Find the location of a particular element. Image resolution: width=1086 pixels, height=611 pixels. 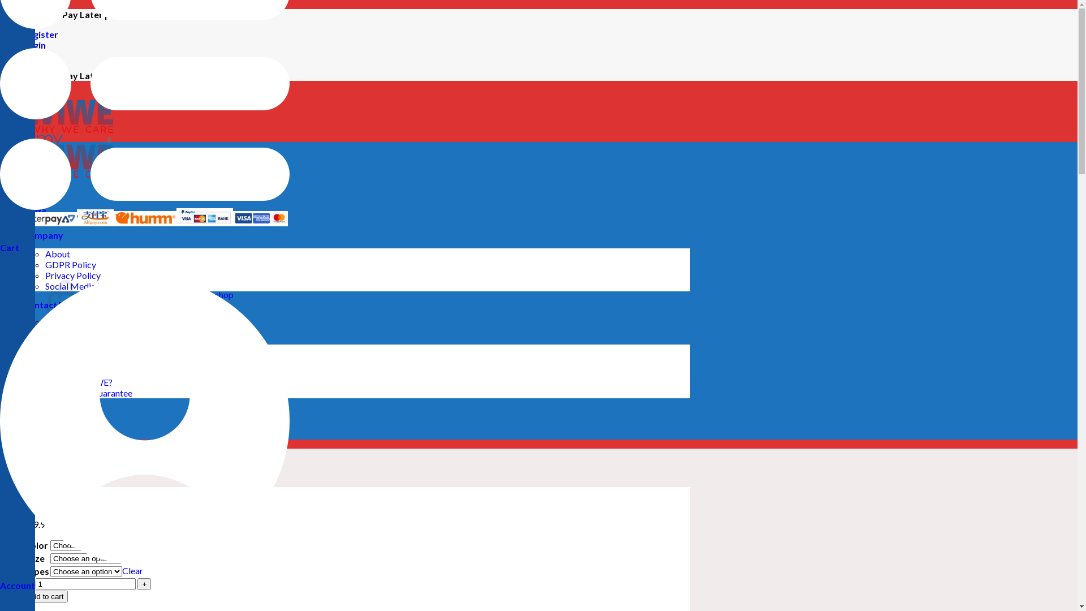

'Social Media Policy' is located at coordinates (83, 285).